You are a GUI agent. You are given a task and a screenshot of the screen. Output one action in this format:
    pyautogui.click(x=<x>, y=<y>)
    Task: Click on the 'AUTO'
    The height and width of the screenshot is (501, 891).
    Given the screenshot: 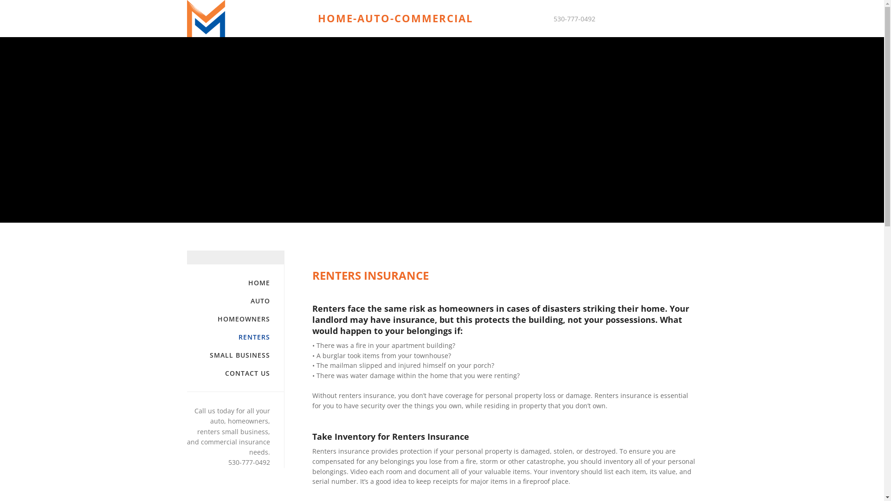 What is the action you would take?
    pyautogui.click(x=228, y=301)
    